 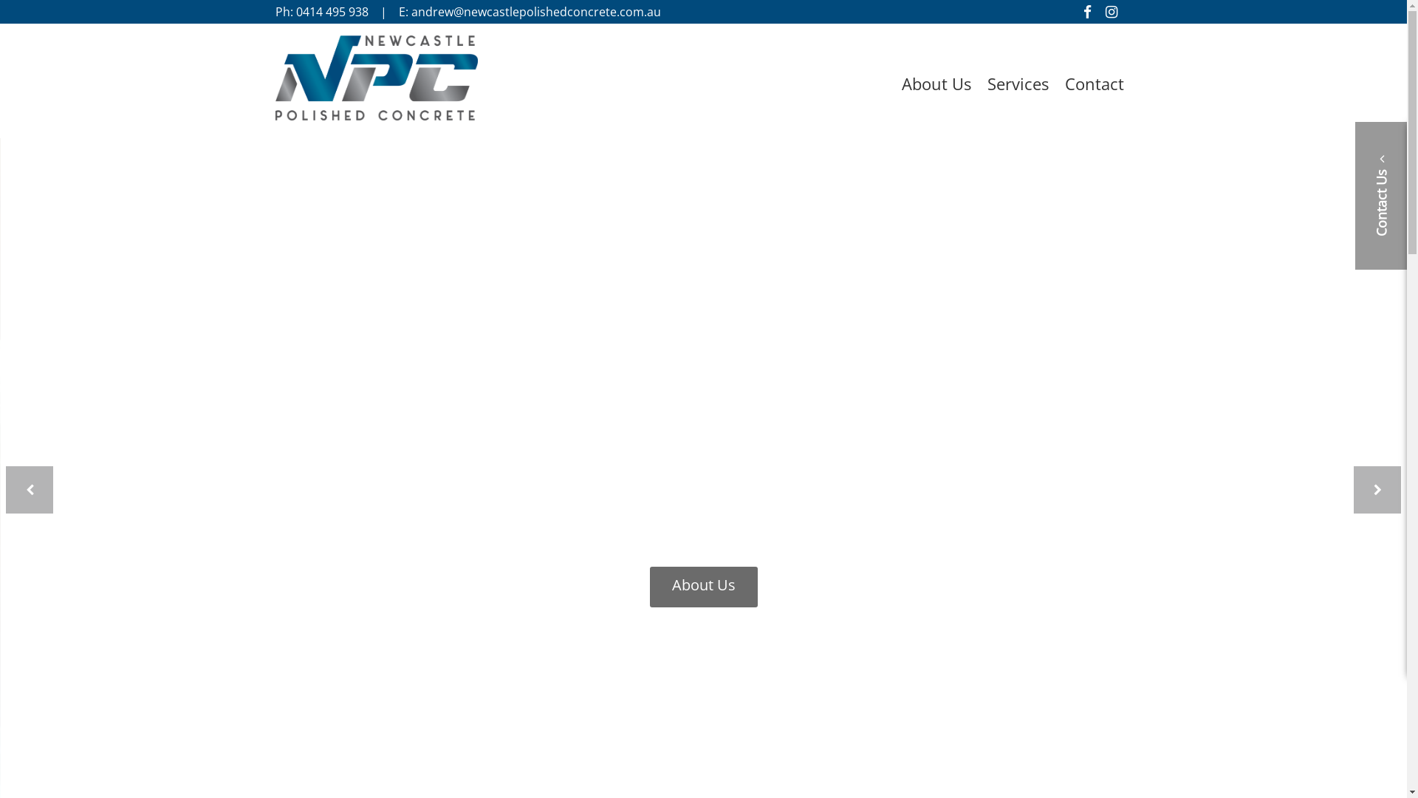 What do you see at coordinates (1094, 83) in the screenshot?
I see `'Contact'` at bounding box center [1094, 83].